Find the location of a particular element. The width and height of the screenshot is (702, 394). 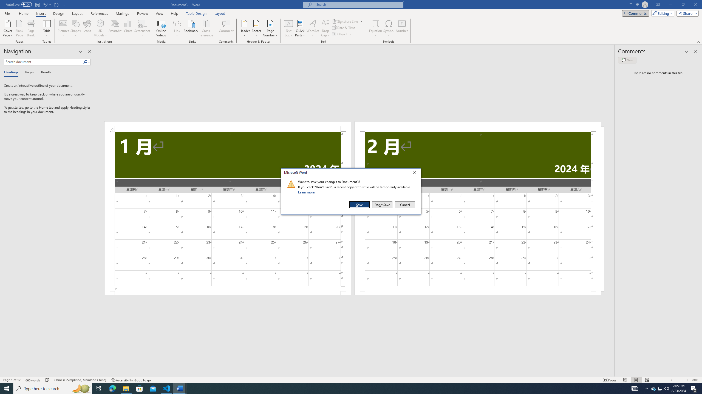

'New comment' is located at coordinates (627, 60).